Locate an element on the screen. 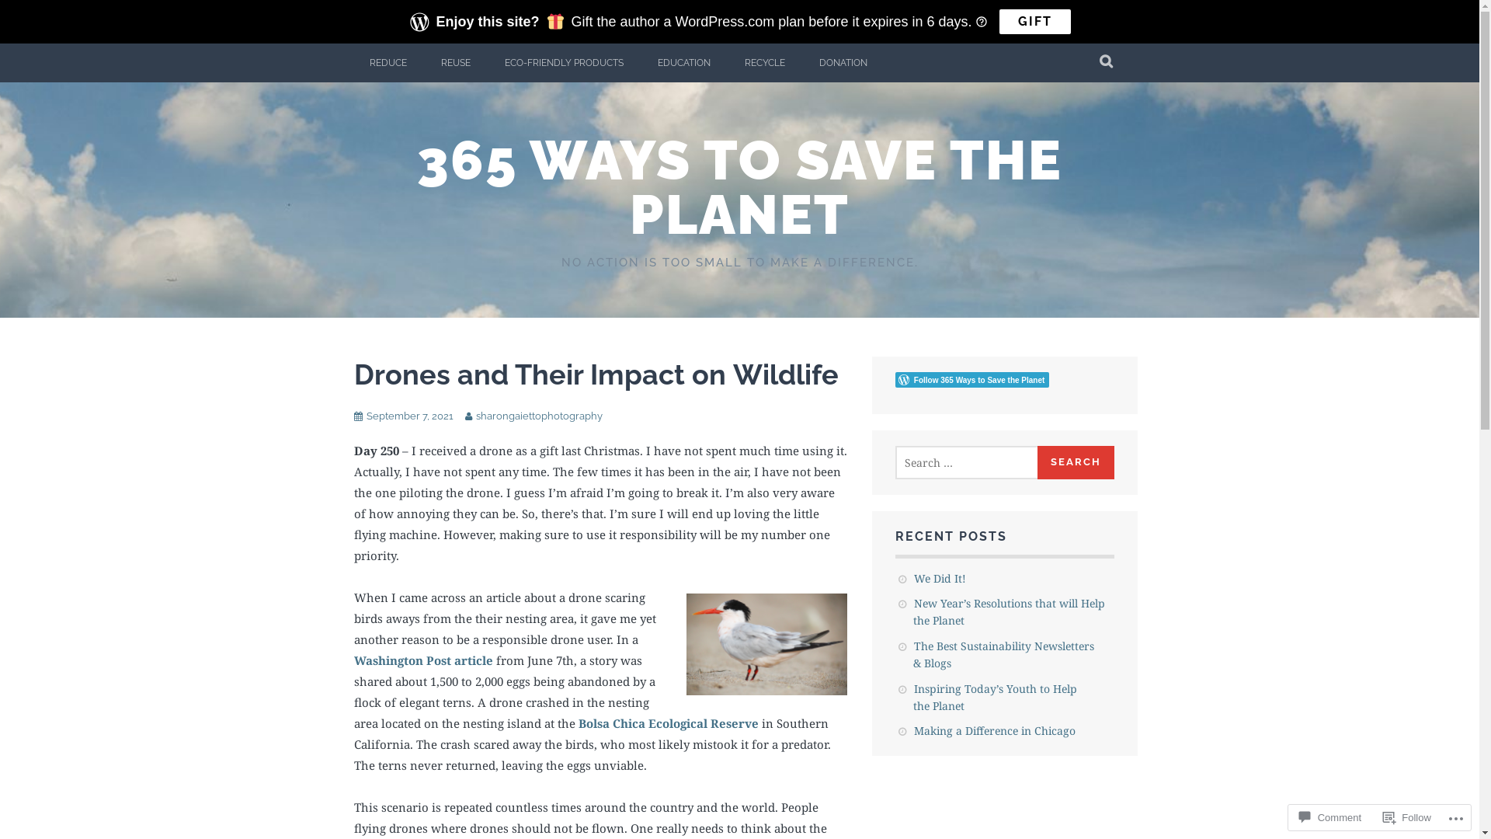 Image resolution: width=1491 pixels, height=839 pixels. 'RECYCLE' is located at coordinates (763, 62).